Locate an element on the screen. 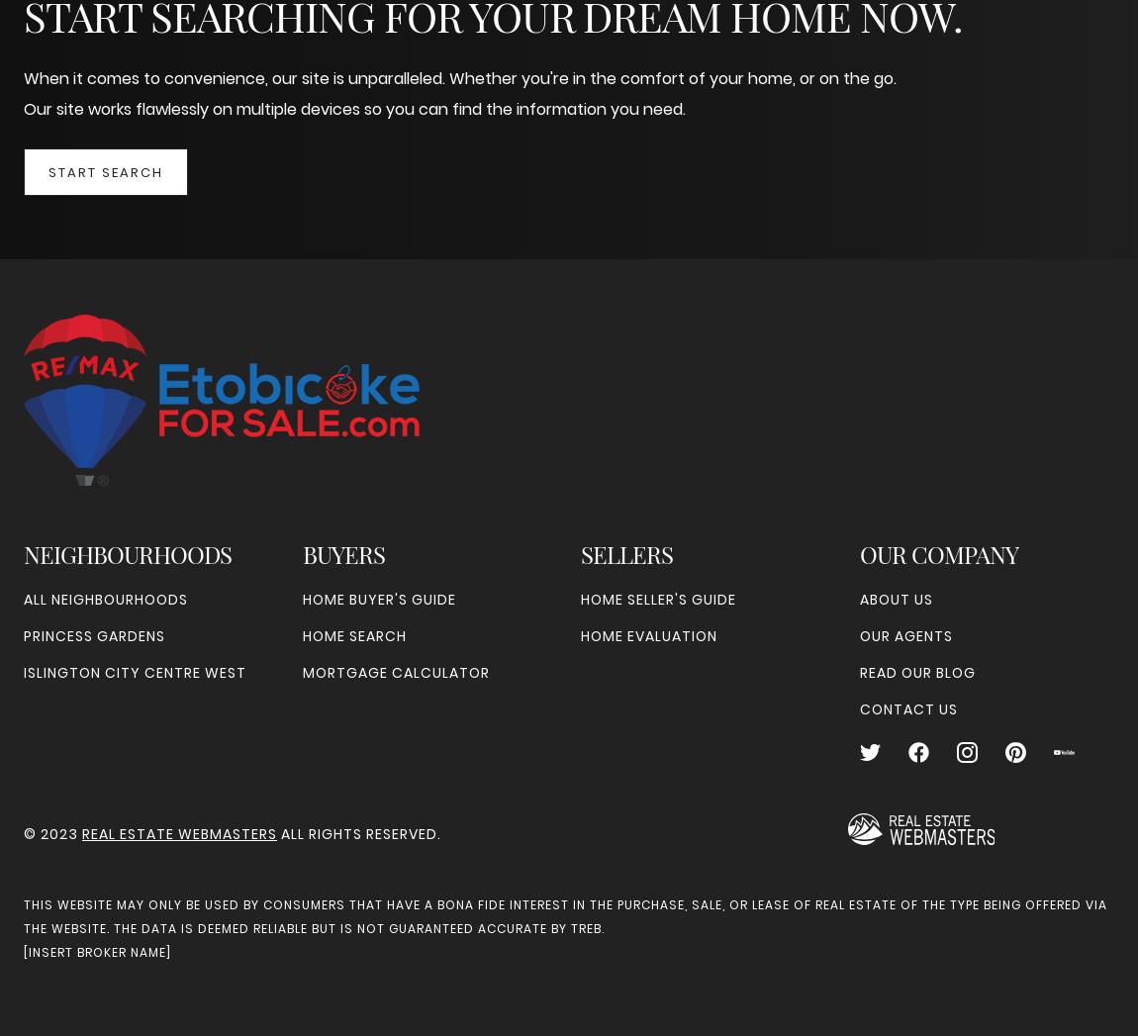  'Sellers' is located at coordinates (625, 554).